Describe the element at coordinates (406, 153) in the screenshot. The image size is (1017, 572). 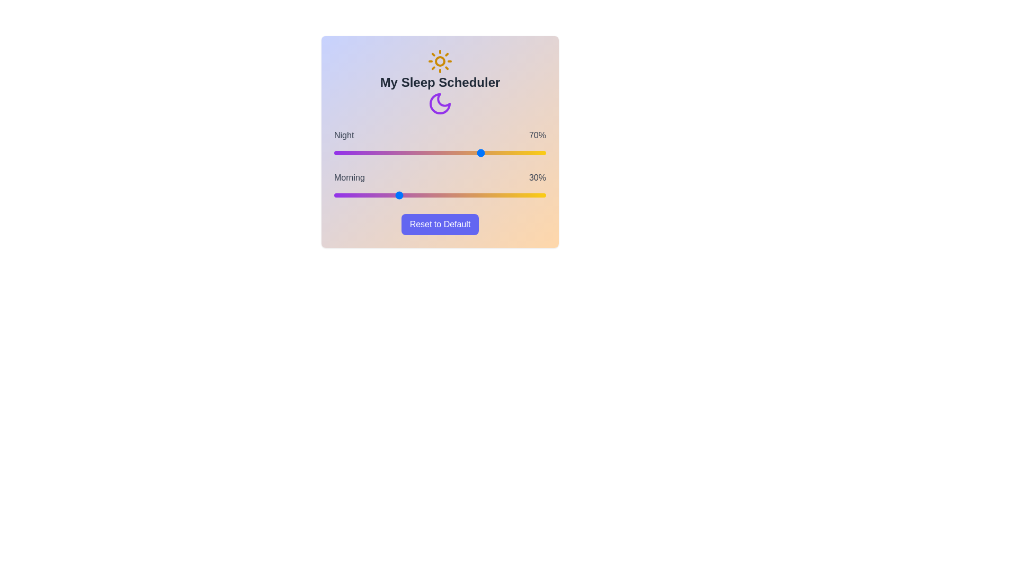
I see `the 'Night' slider to 34%` at that location.